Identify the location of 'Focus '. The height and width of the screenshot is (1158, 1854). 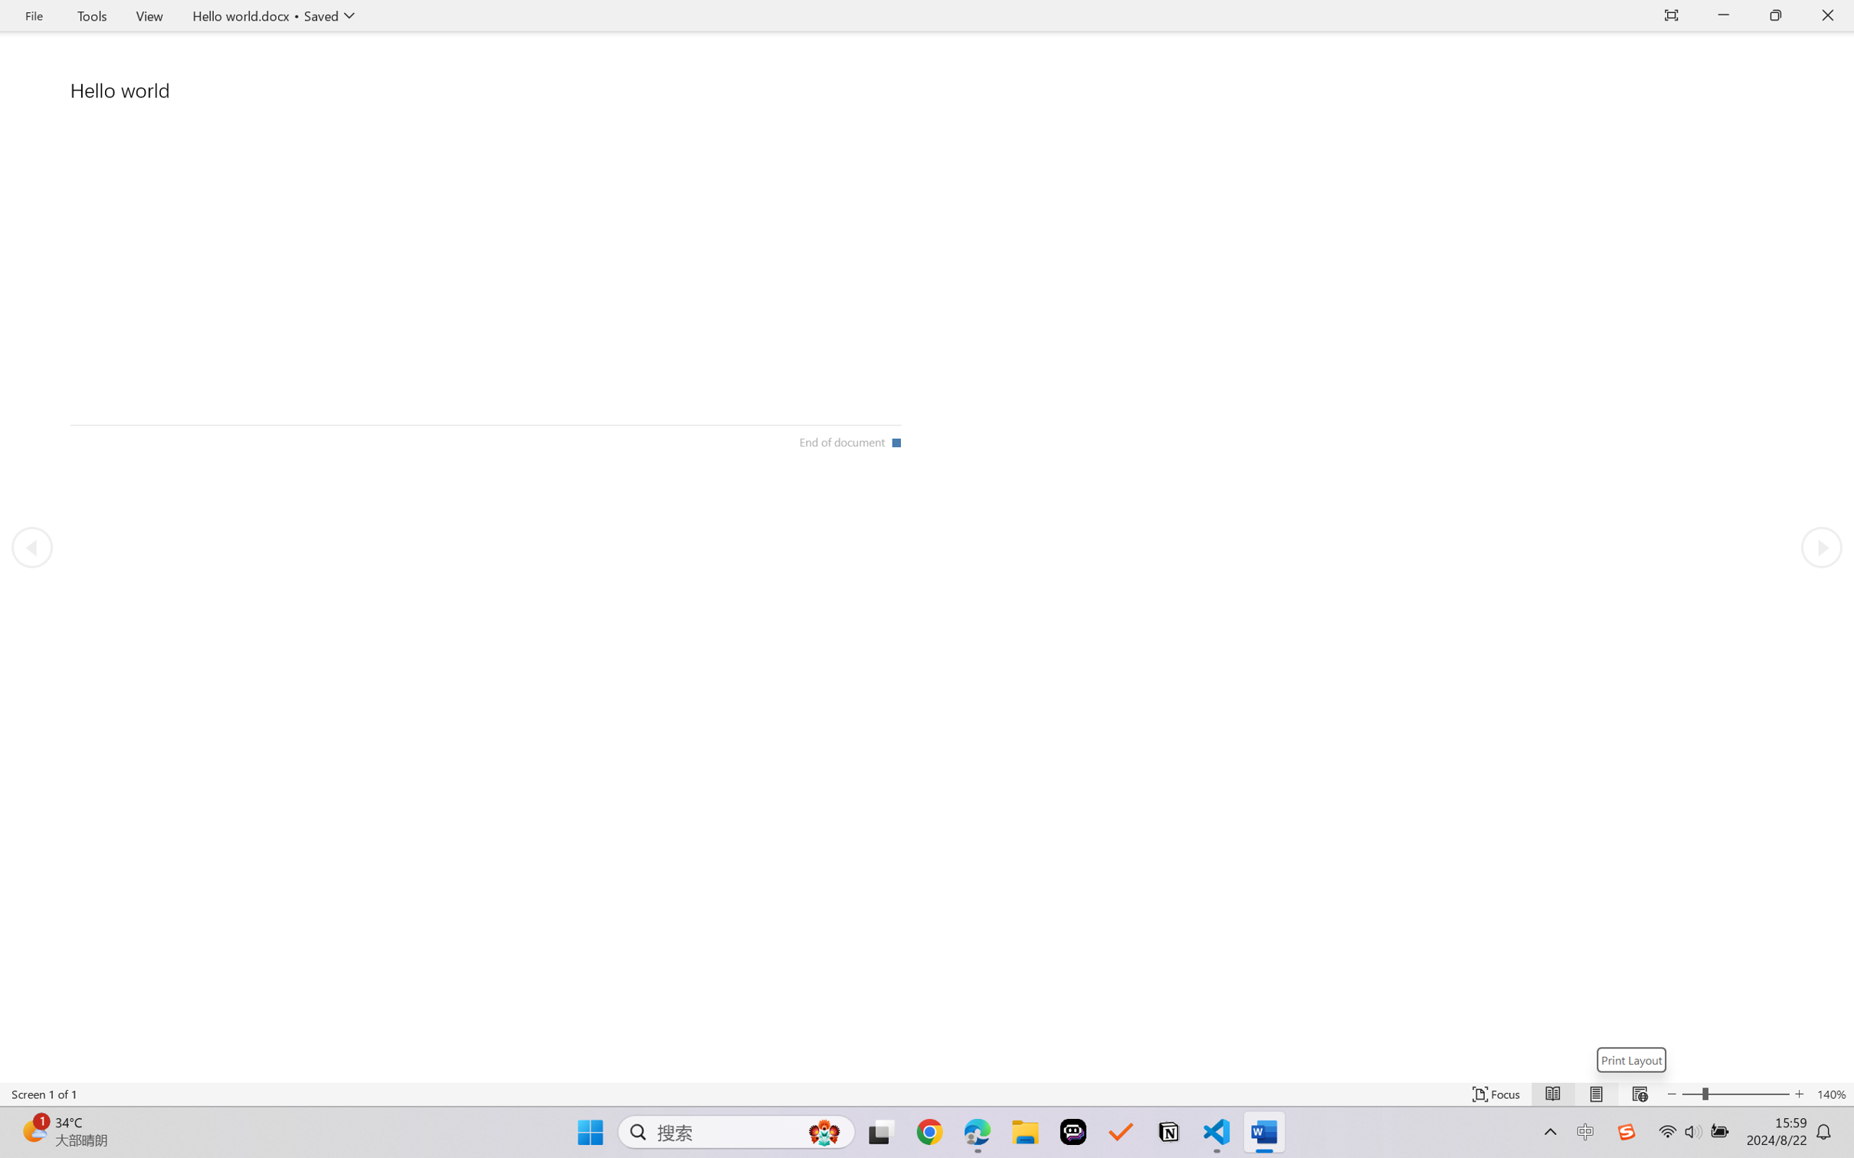
(1496, 1094).